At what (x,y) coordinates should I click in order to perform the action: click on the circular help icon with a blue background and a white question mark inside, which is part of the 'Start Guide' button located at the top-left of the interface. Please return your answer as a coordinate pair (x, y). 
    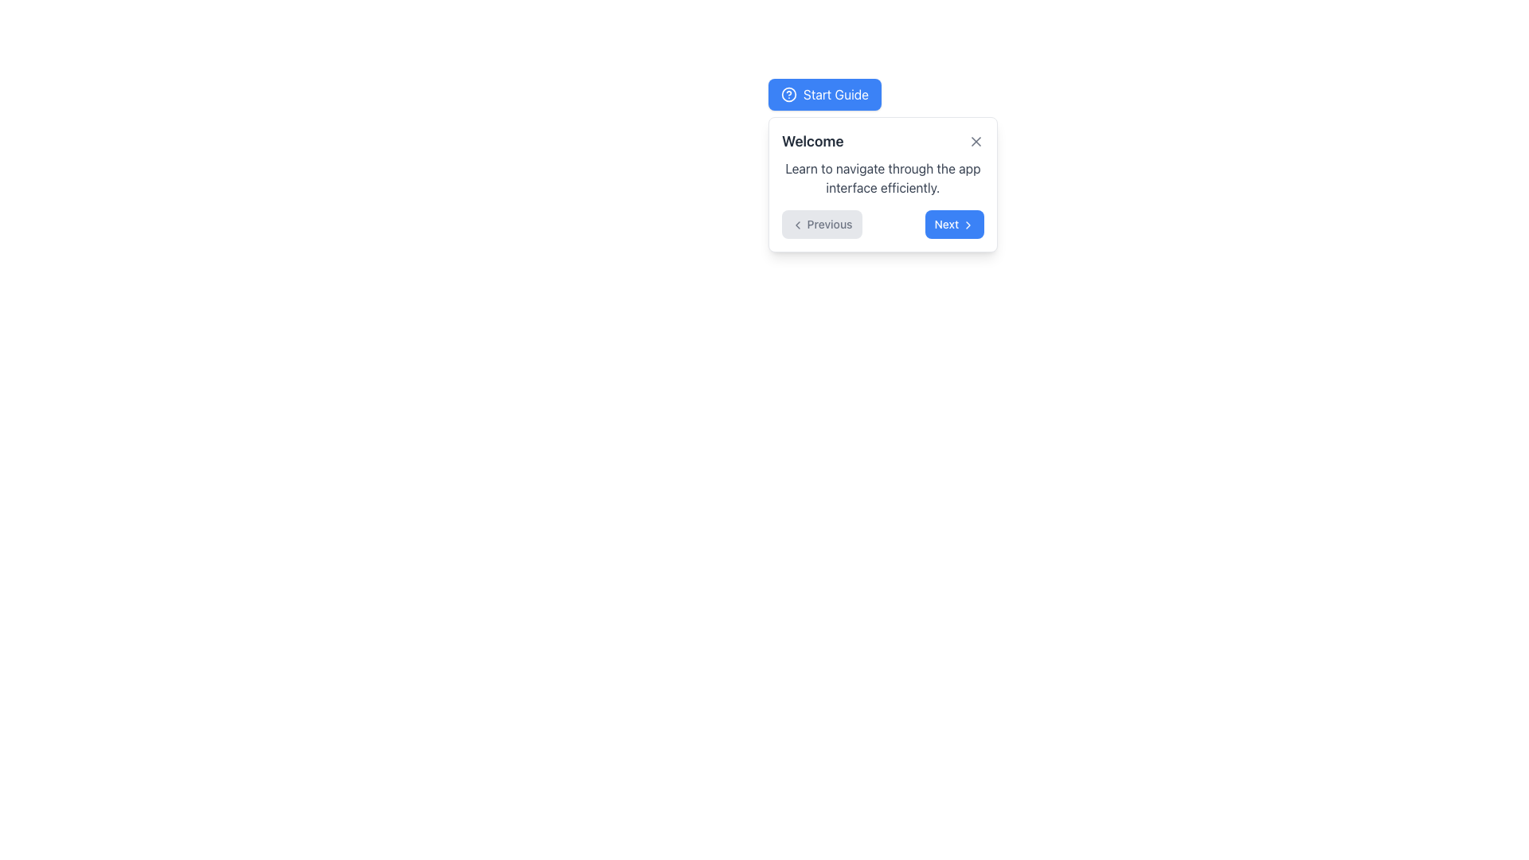
    Looking at the image, I should click on (788, 95).